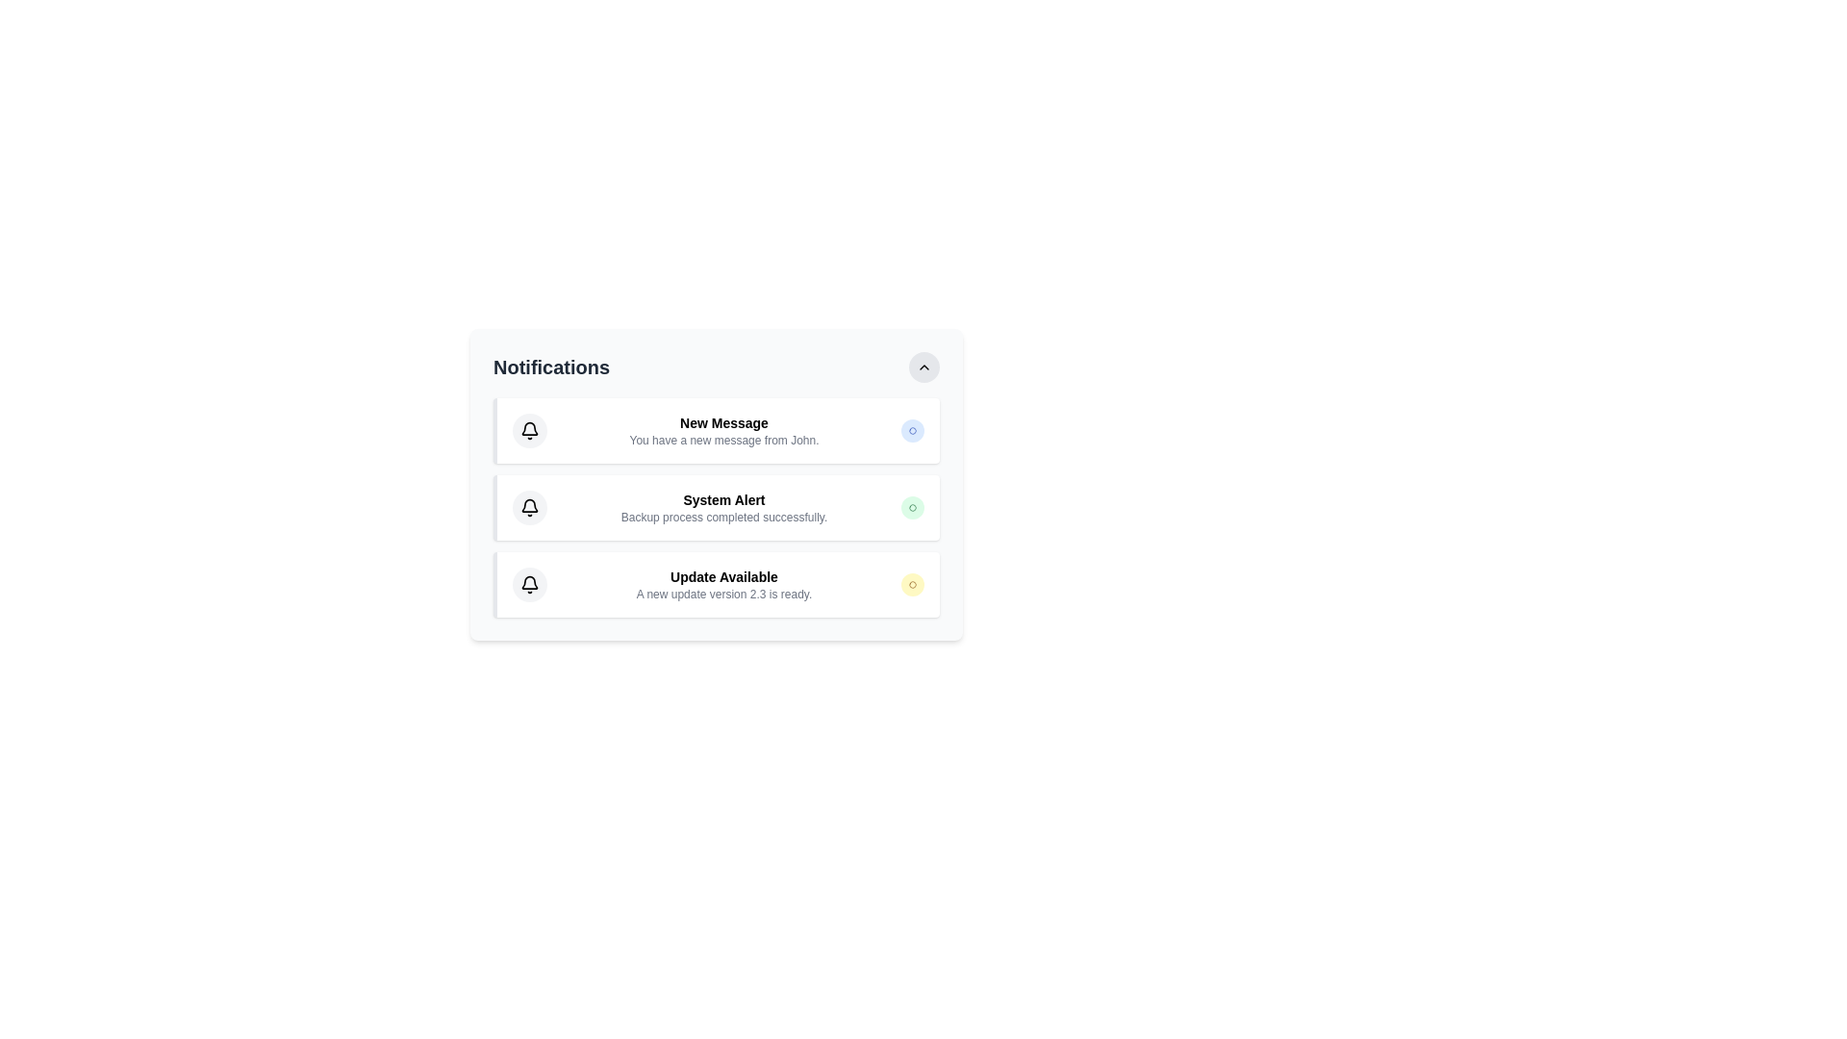 The image size is (1847, 1039). I want to click on the text block that contains the bolded text 'New Message' and the detail 'You have a new message from John.' within the first notification card in the 'Notifications' section, so click(723, 429).